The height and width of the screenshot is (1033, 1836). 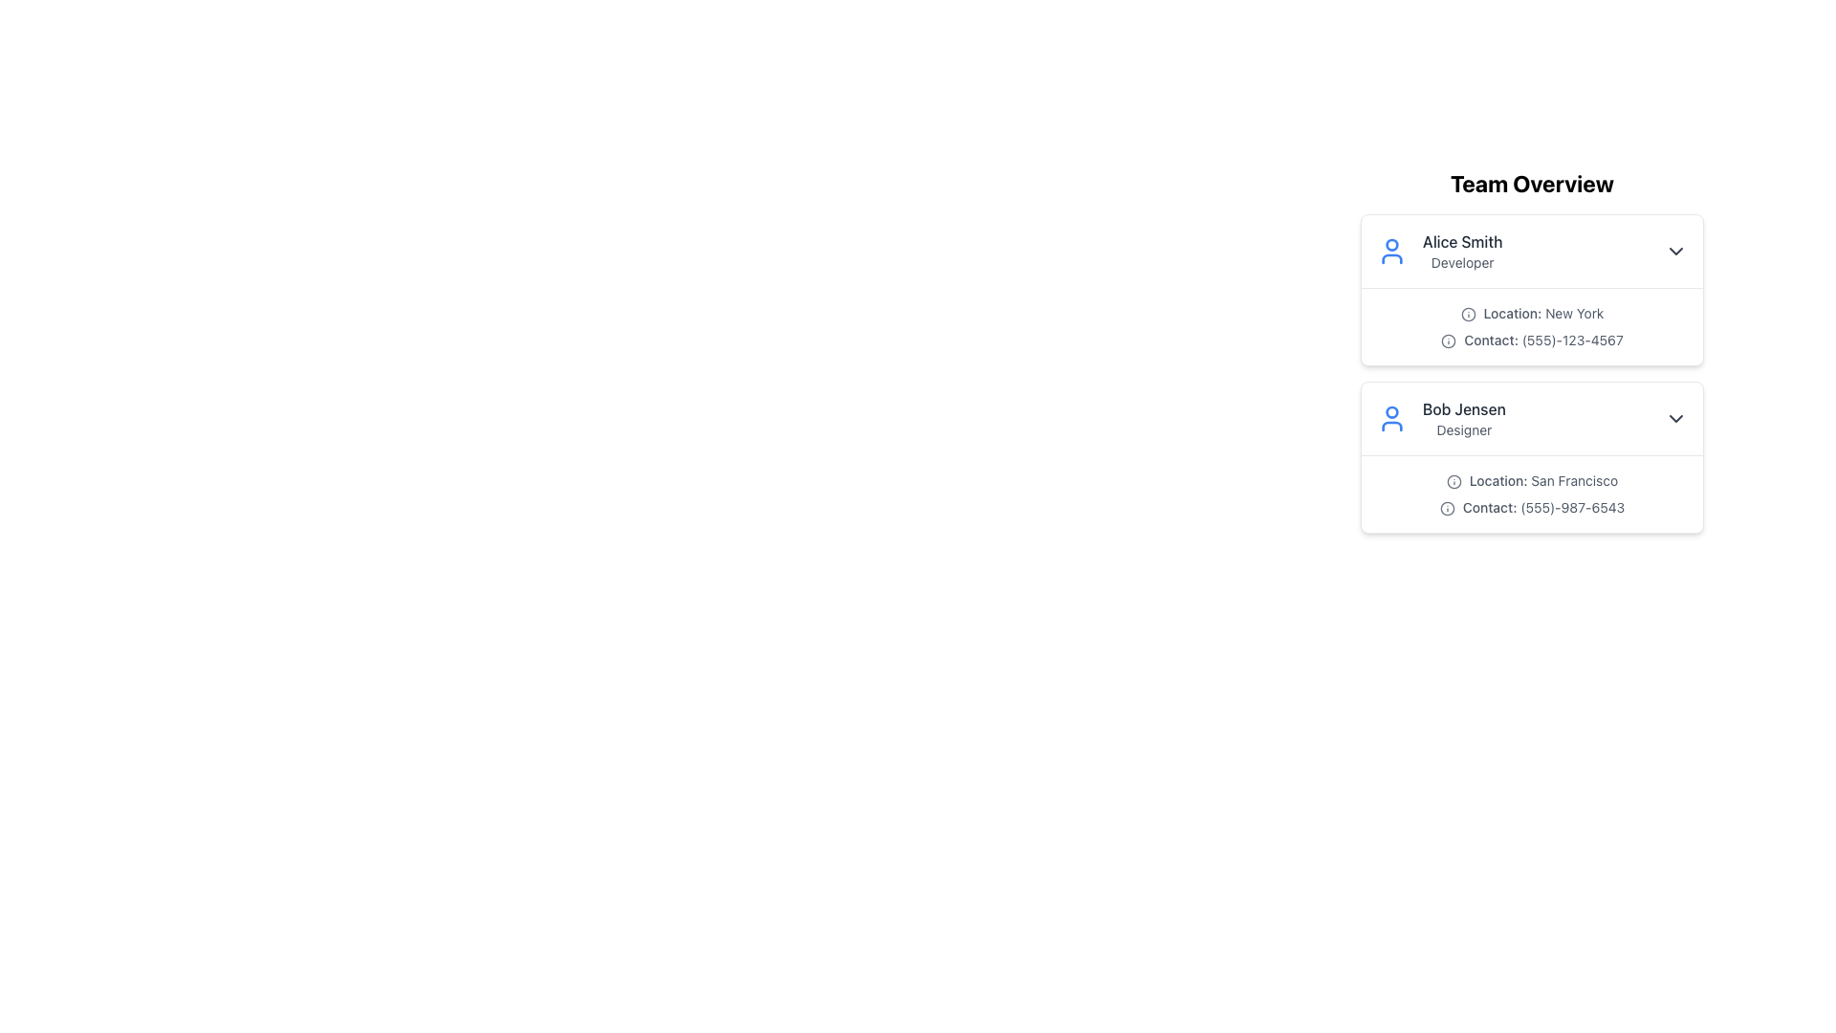 What do you see at coordinates (1463, 418) in the screenshot?
I see `the label identifying the second team member directly below 'Alice Smith - Developer' in the vertical list` at bounding box center [1463, 418].